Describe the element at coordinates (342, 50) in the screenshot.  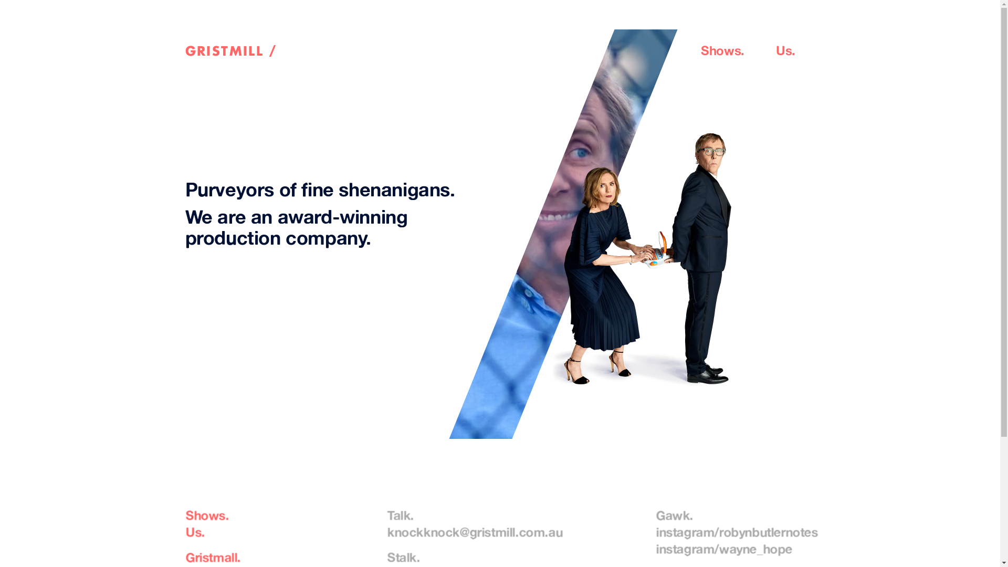
I see `'GRISTMILL /'` at that location.